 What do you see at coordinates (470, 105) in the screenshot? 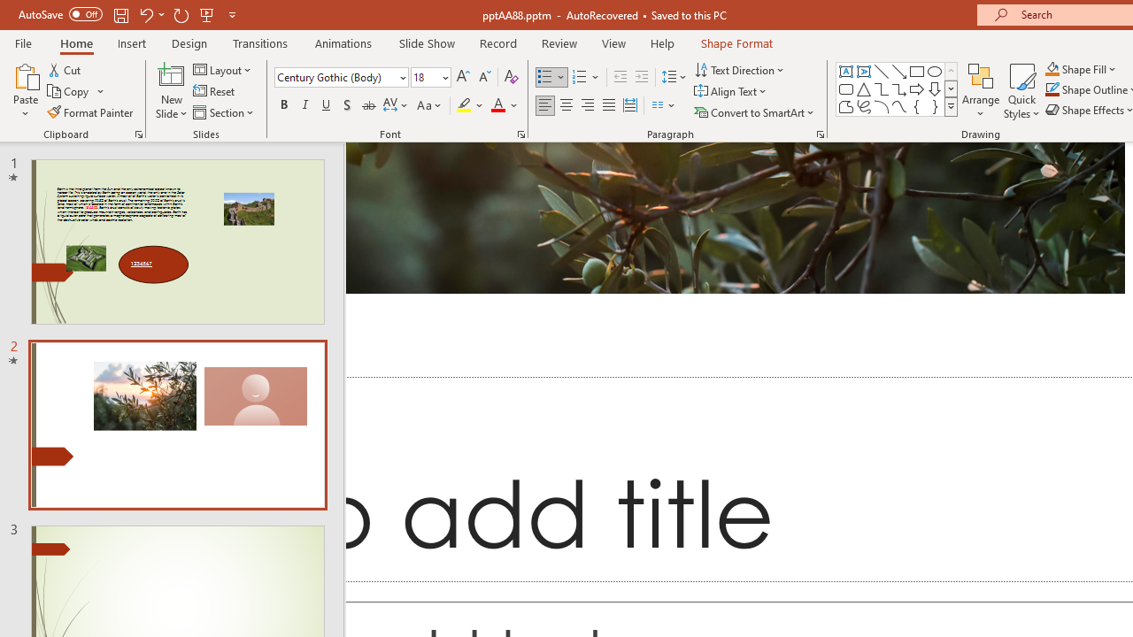
I see `'Text Highlight Color'` at bounding box center [470, 105].